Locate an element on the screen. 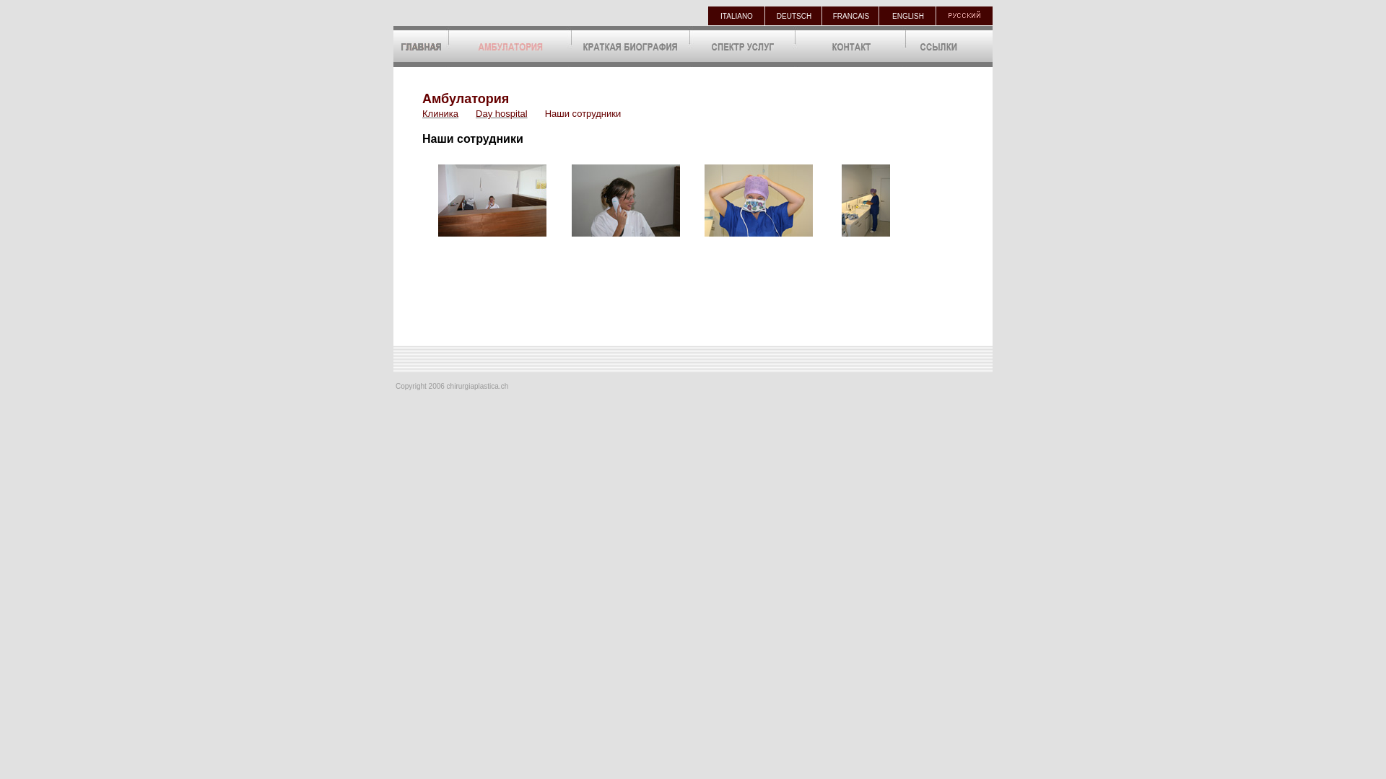 The width and height of the screenshot is (1386, 779). 'DEUTSCH' is located at coordinates (793, 15).